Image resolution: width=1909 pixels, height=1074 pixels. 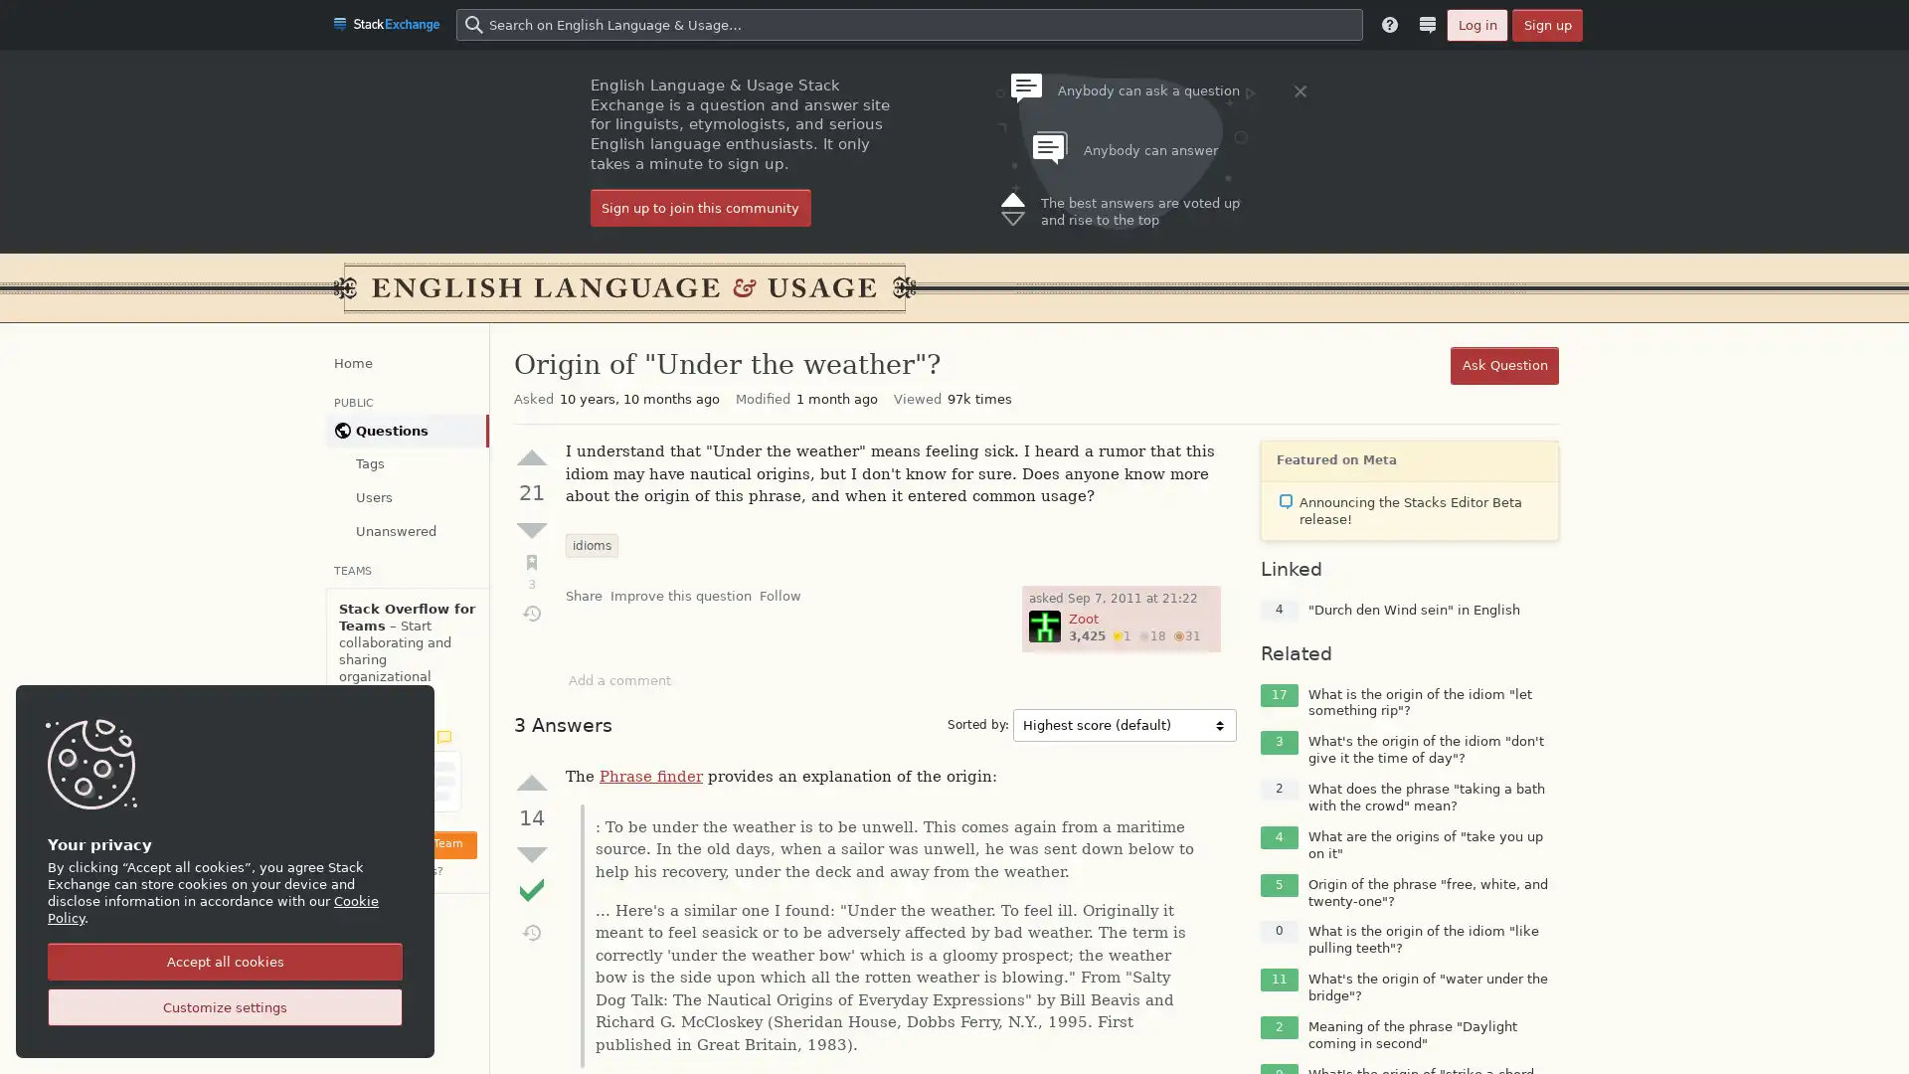 What do you see at coordinates (531, 853) in the screenshot?
I see `Down vote` at bounding box center [531, 853].